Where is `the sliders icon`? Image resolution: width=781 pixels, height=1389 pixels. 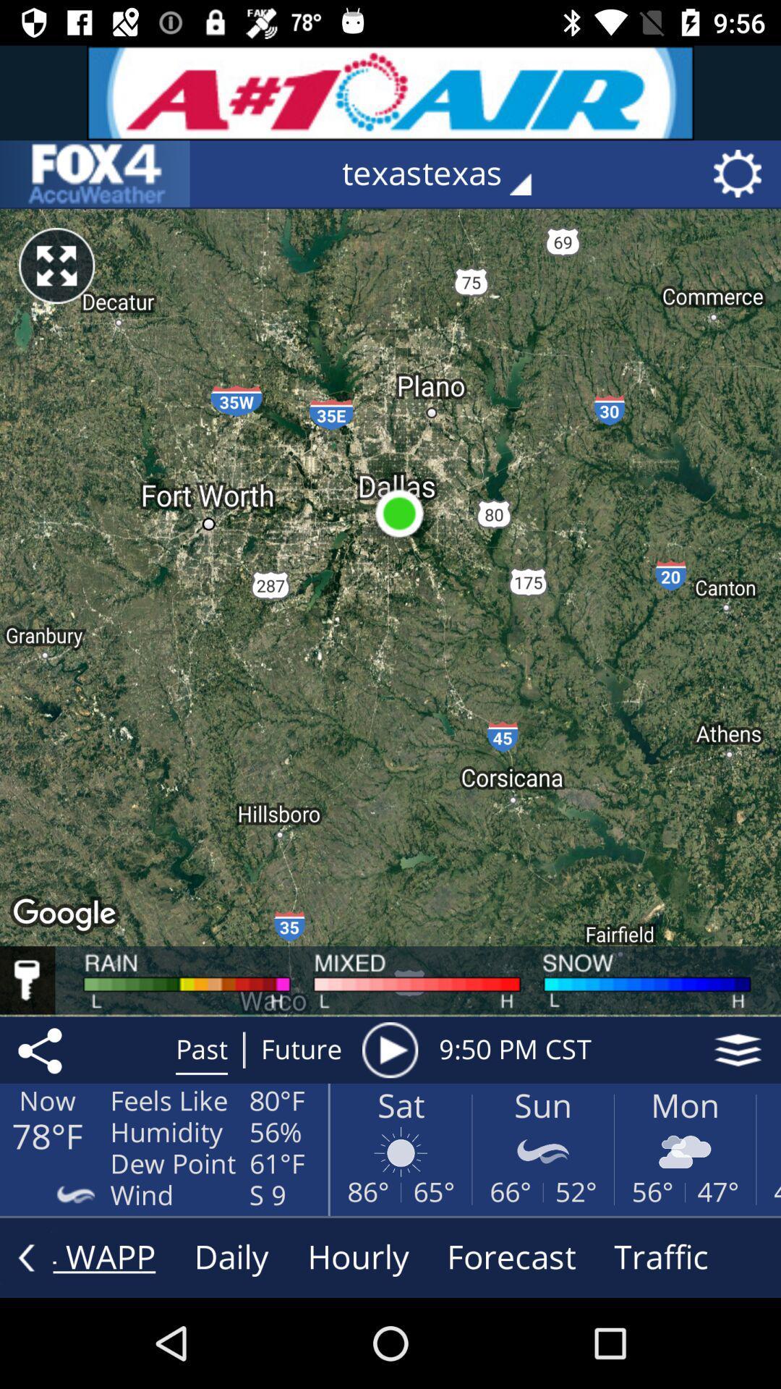
the sliders icon is located at coordinates (95, 174).